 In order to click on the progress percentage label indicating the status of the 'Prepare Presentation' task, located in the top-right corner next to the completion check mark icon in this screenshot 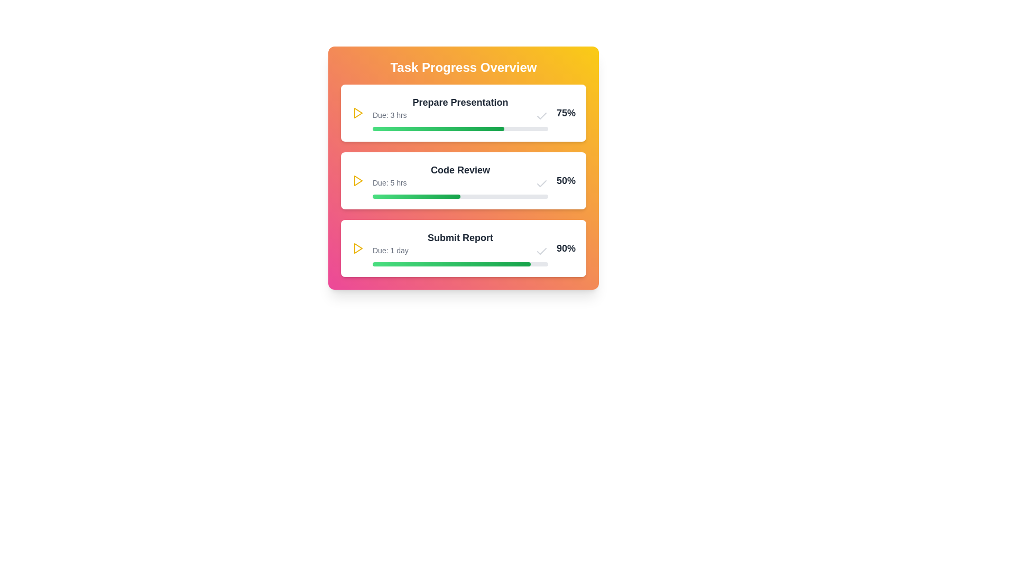, I will do `click(565, 113)`.